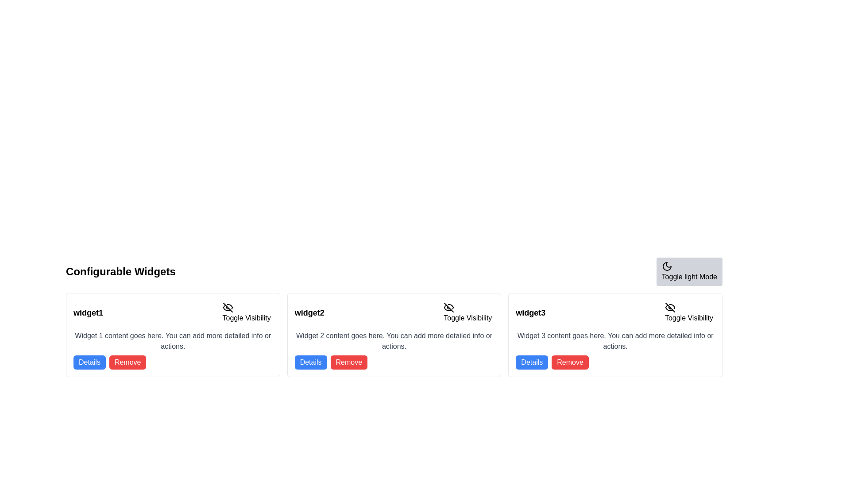 This screenshot has width=850, height=478. What do you see at coordinates (309, 312) in the screenshot?
I see `the bolded text label 'widget2' located in the upper-left corner of the middle card, which signifies its importance as the main header of the card` at bounding box center [309, 312].